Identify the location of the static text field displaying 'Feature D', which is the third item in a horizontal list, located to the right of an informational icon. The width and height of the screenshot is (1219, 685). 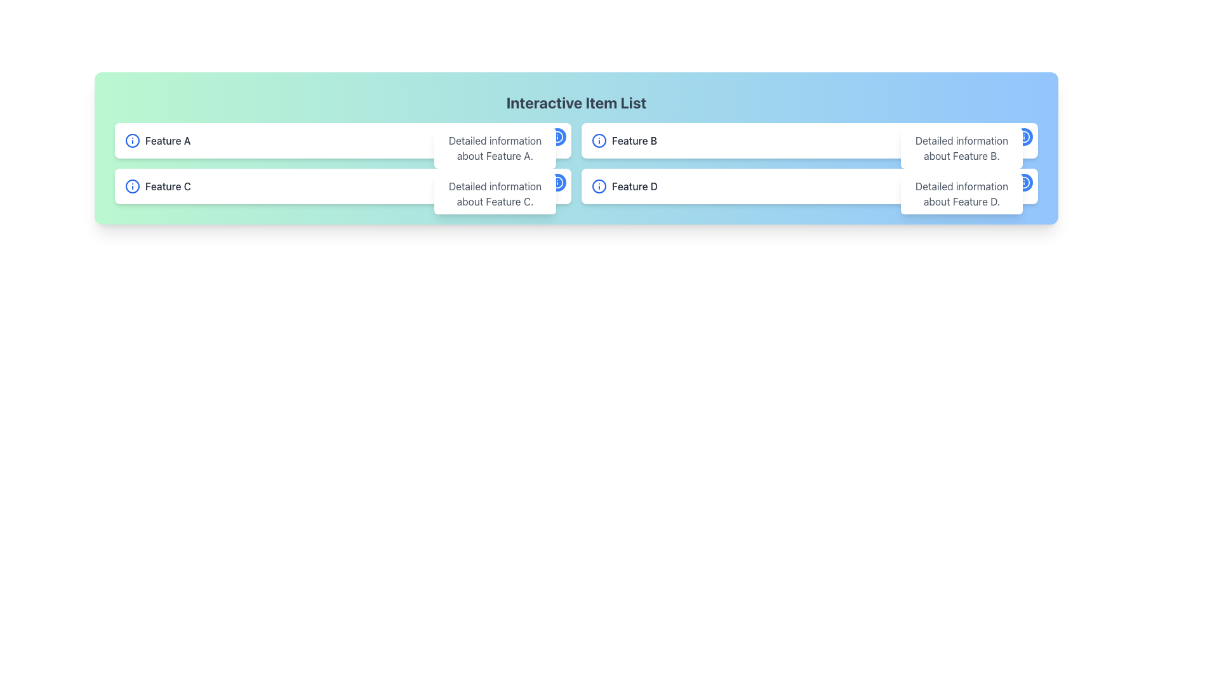
(634, 186).